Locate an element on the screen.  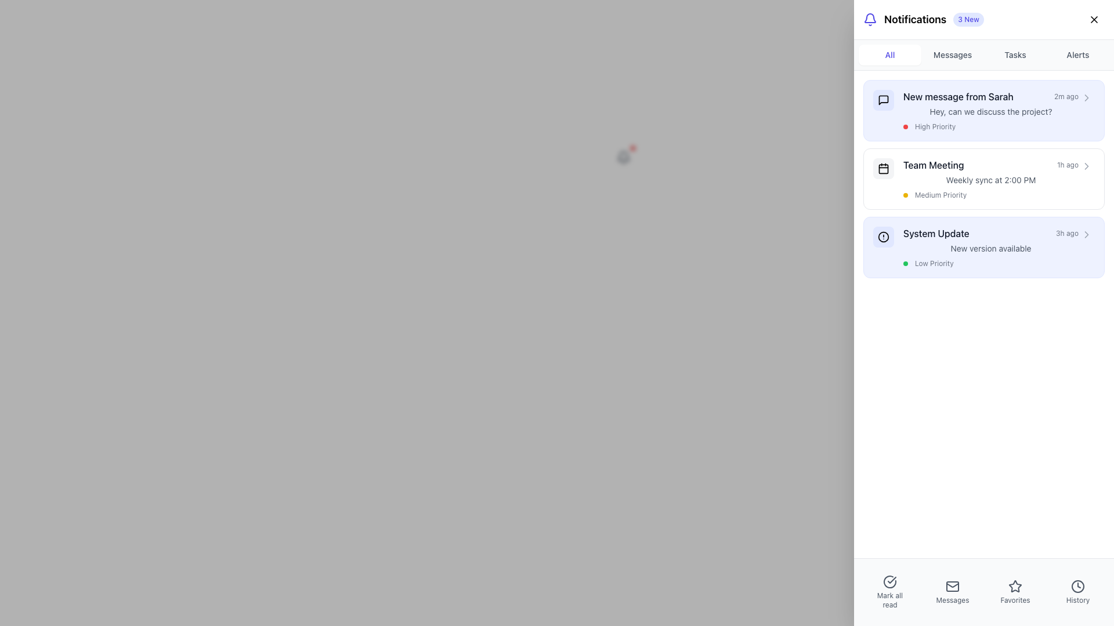
the calendar icon in the middle of the 'Team Meeting' notification card, which visually represents time-based information is located at coordinates (882, 168).